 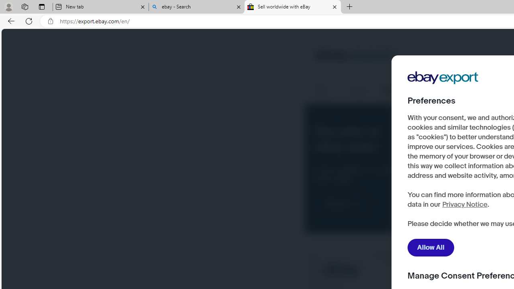 What do you see at coordinates (50, 21) in the screenshot?
I see `'View site information'` at bounding box center [50, 21].